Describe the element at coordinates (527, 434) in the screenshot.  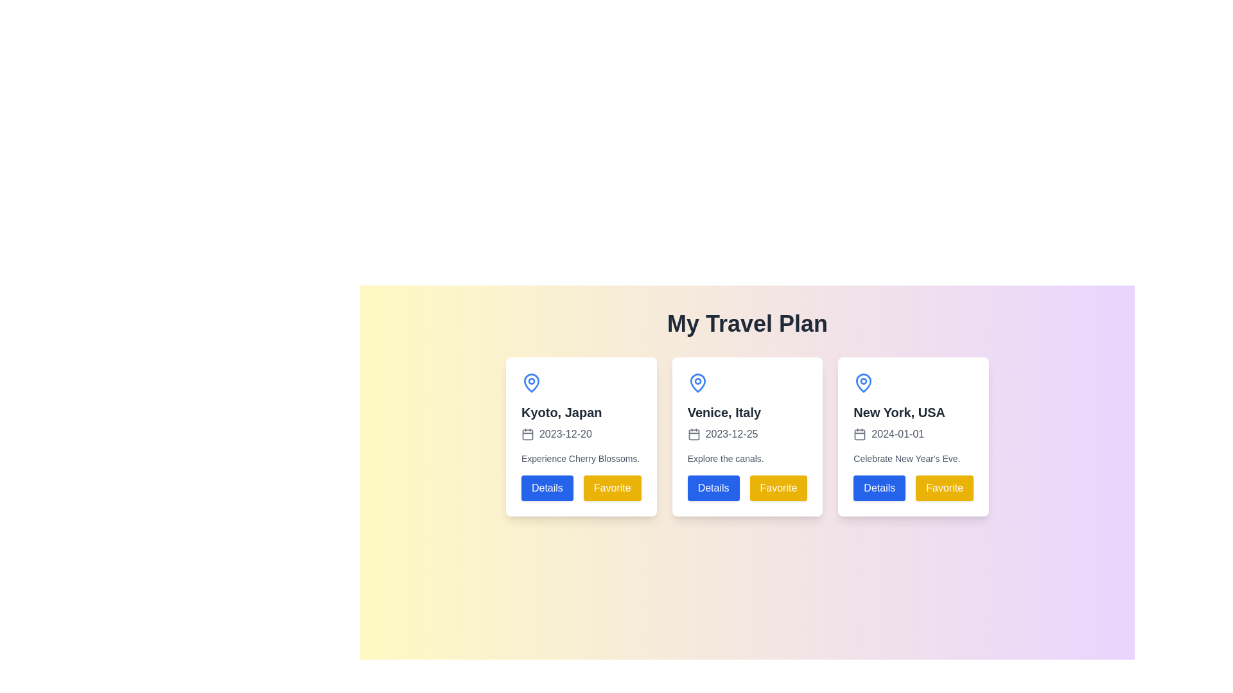
I see `the SVG rectangle that represents the content area of the calendar icon, located next to the text 'Kyoto, Japan' and above the date '2023-12-20'` at that location.